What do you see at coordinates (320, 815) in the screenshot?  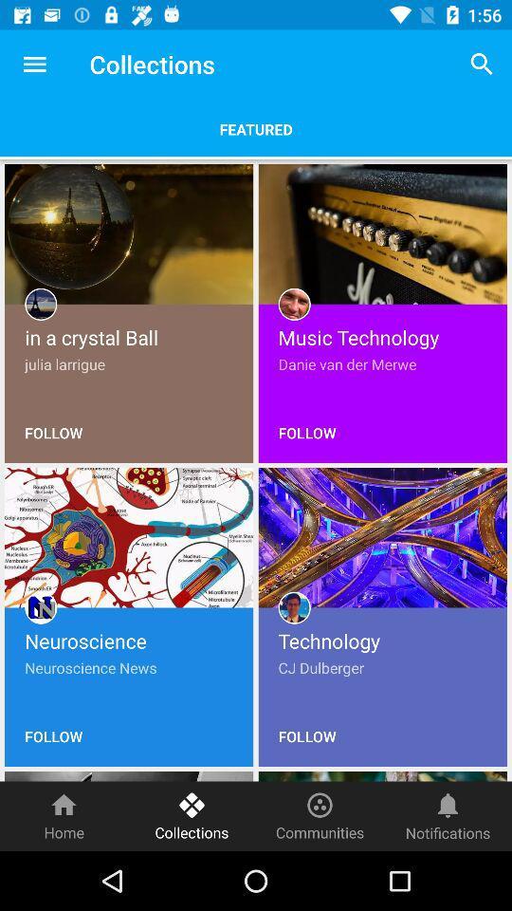 I see `item next to the notifications` at bounding box center [320, 815].